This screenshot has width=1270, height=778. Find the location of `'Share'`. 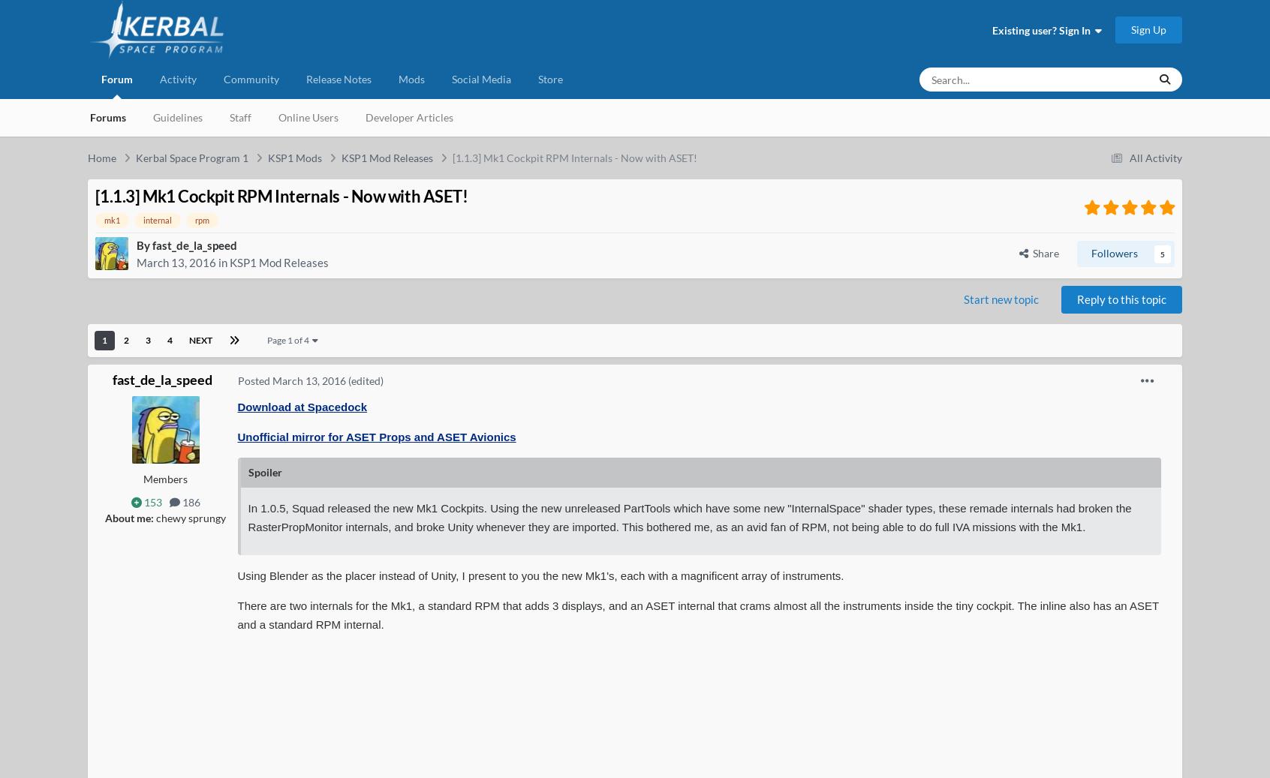

'Share' is located at coordinates (1043, 252).